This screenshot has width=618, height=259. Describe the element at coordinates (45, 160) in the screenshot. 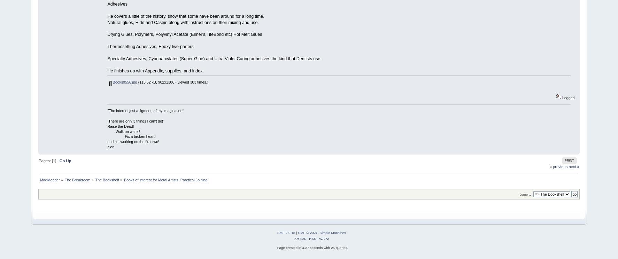

I see `'Pages: ['` at that location.